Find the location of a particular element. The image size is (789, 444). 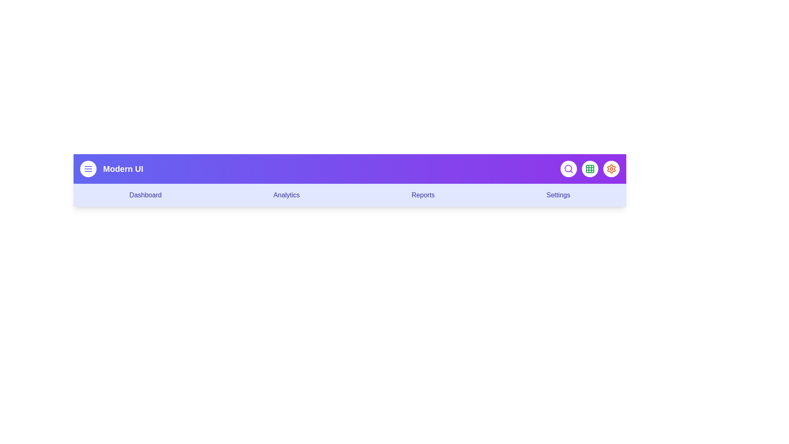

the settings button to open the settings menu is located at coordinates (611, 169).